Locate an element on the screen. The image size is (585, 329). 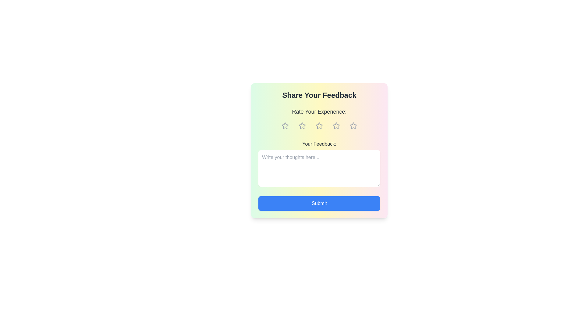
across the third star icon is located at coordinates (319, 125).